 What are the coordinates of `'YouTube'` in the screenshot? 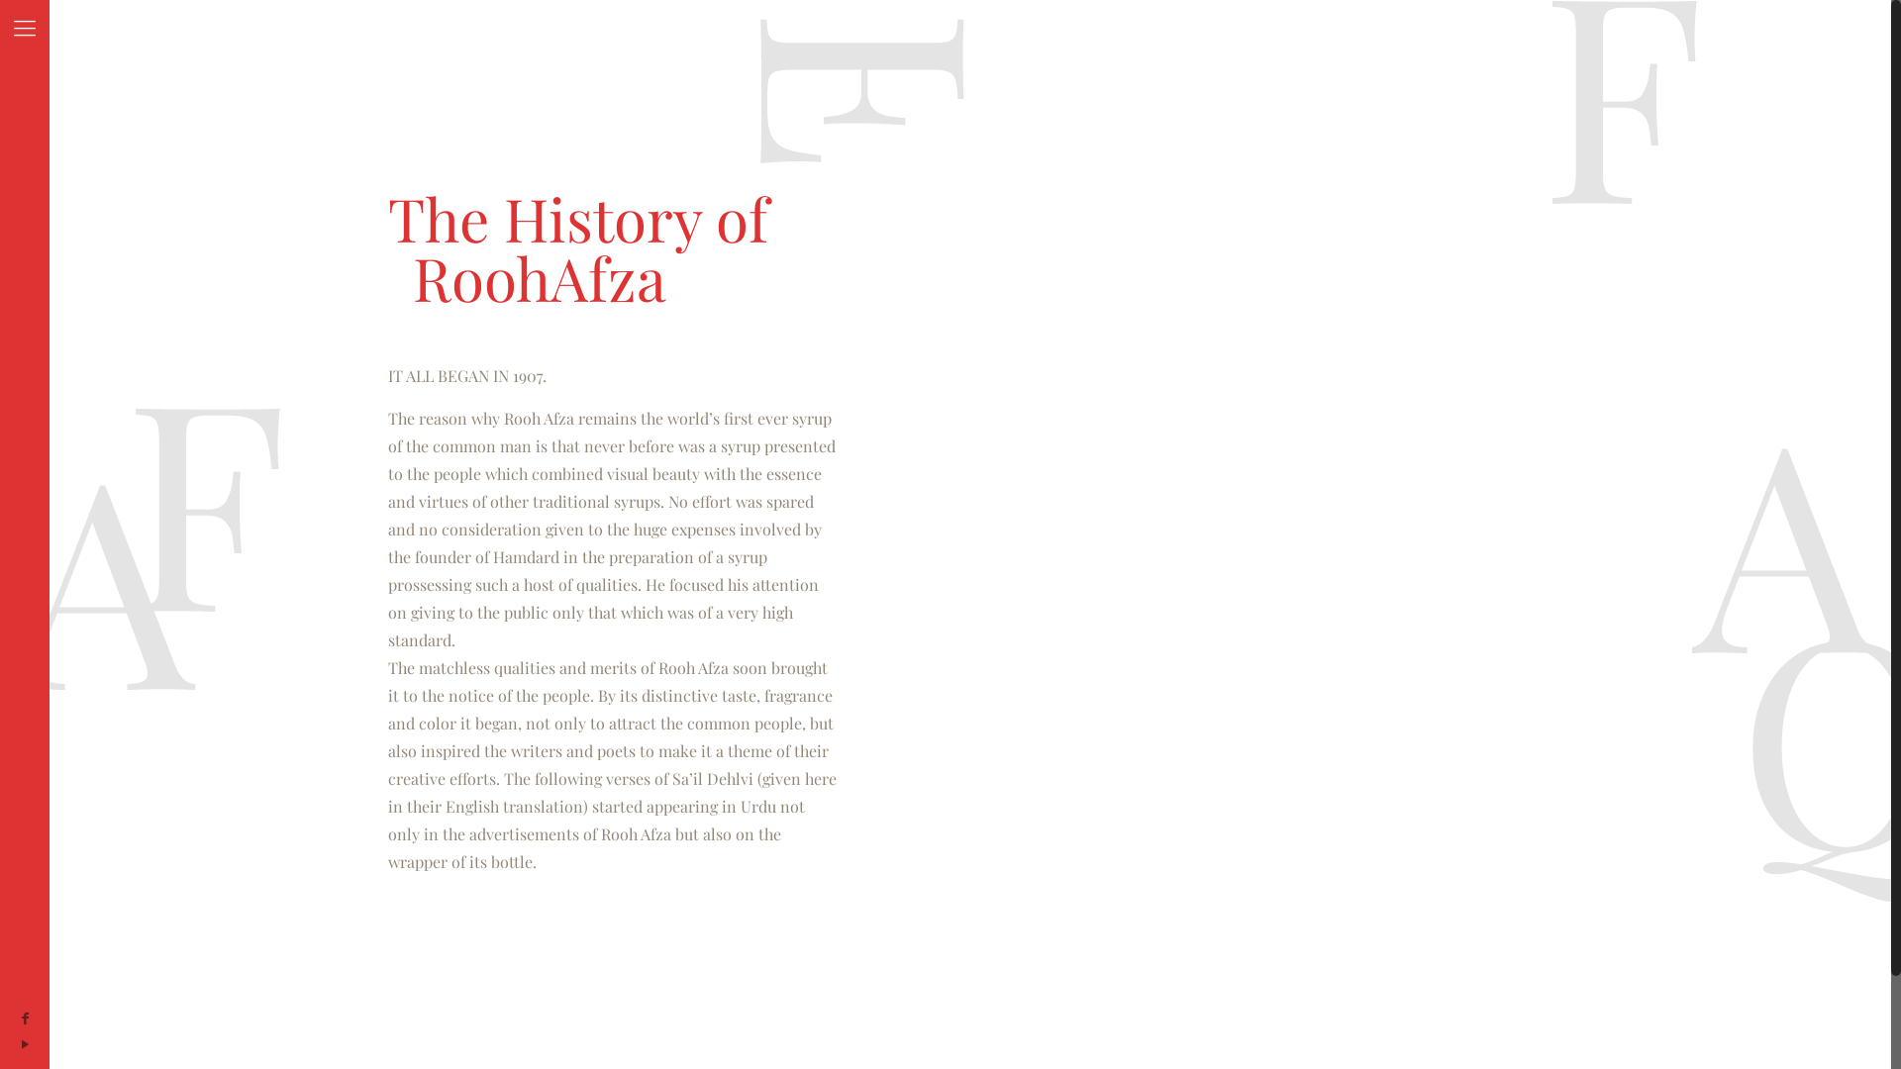 It's located at (24, 1042).